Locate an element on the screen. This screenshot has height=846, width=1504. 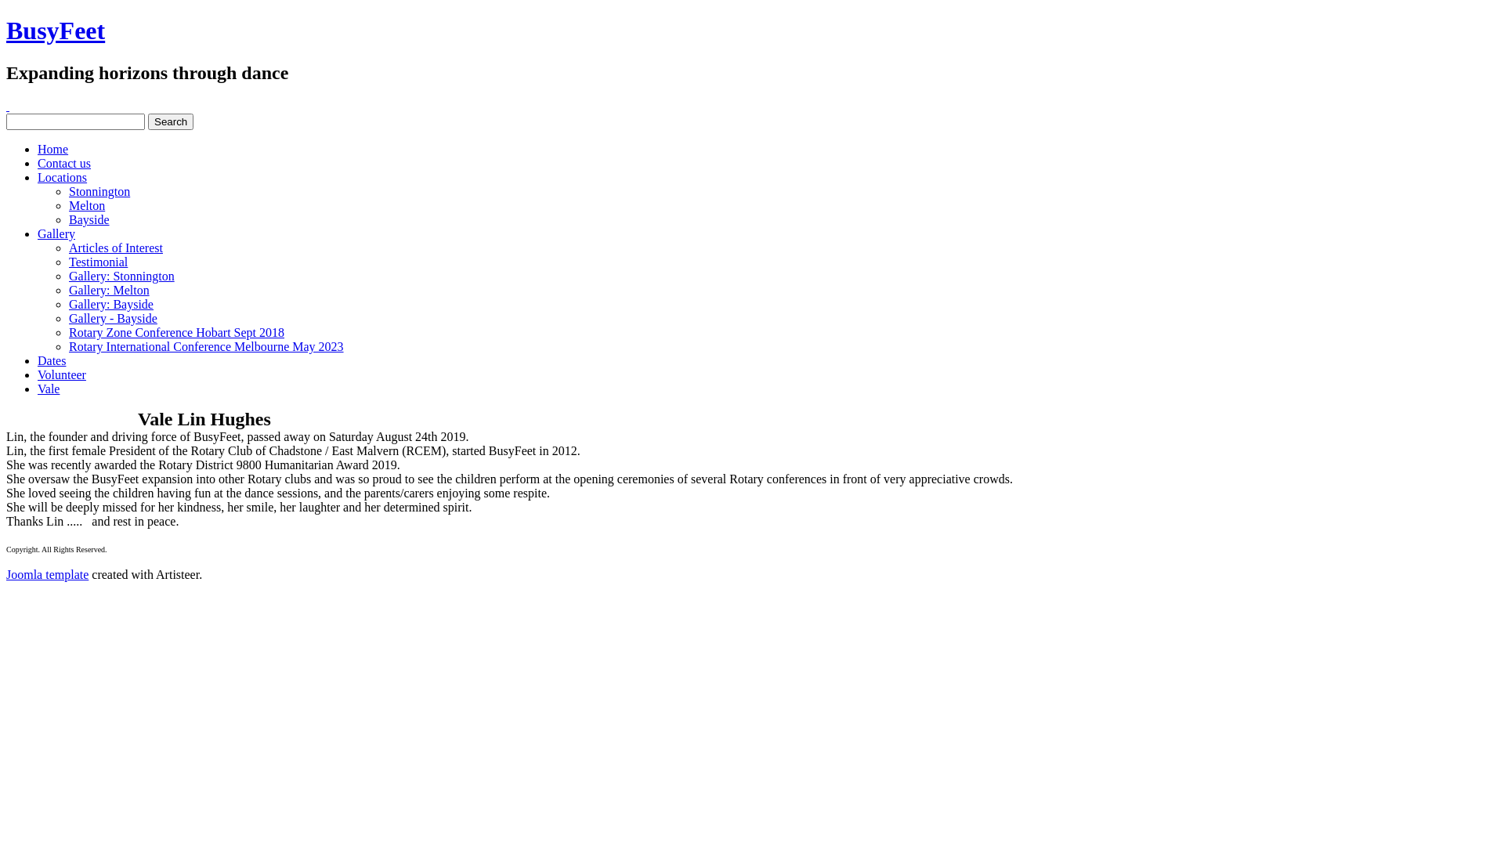
'Rotary Zone Conference Hobart Sept 2018' is located at coordinates (176, 331).